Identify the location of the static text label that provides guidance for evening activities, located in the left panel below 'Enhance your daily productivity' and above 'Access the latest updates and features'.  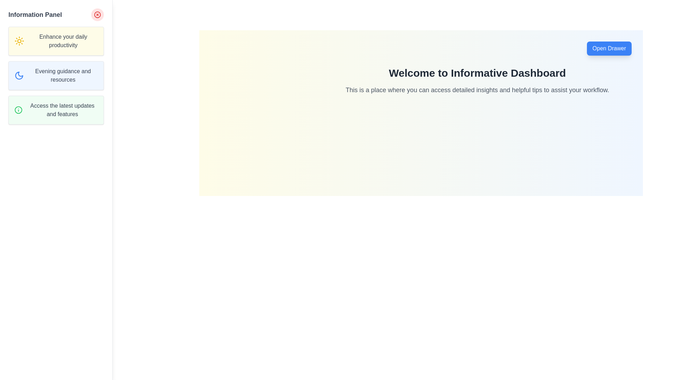
(63, 76).